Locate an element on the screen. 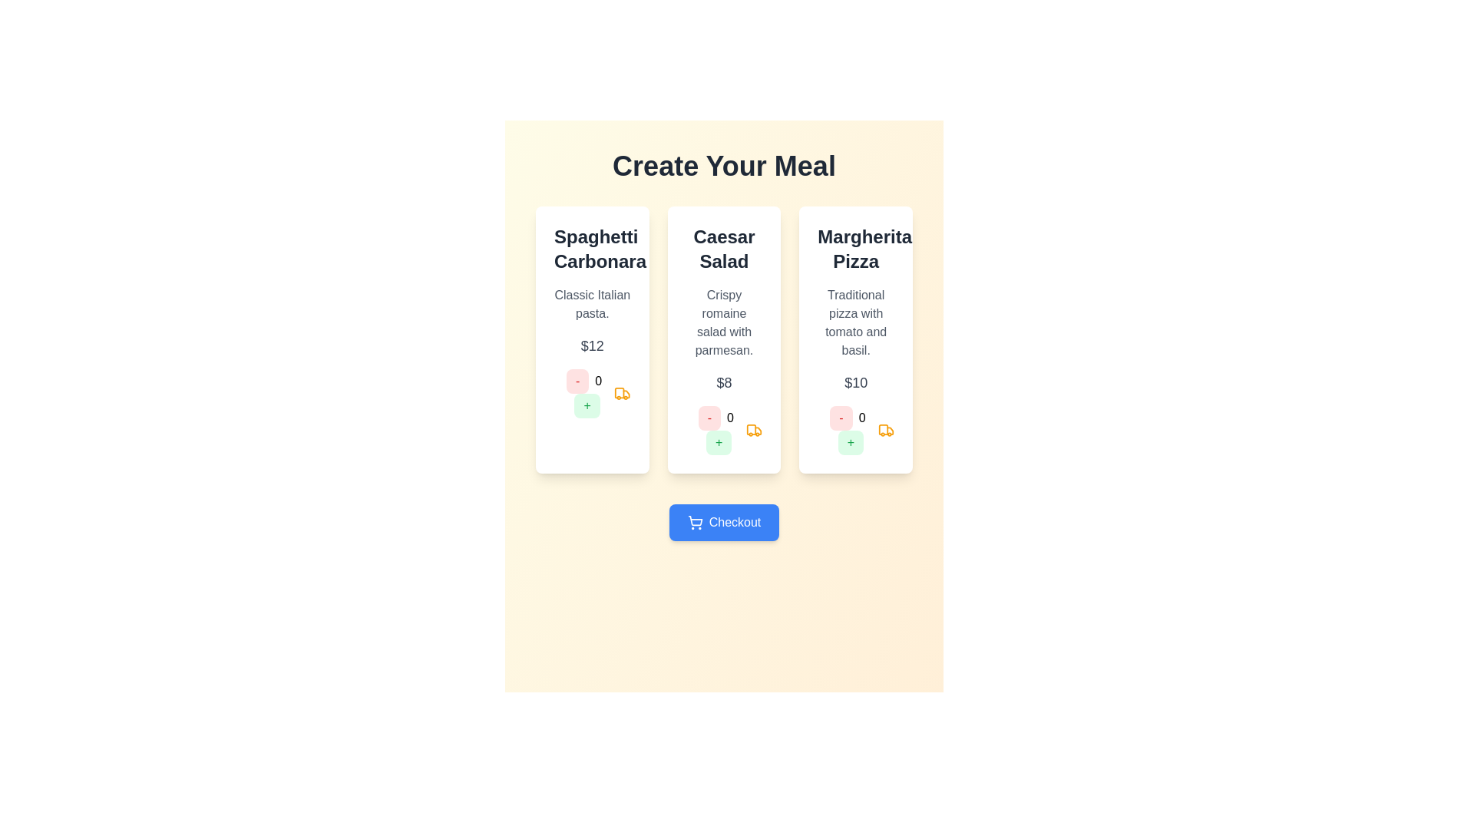 This screenshot has width=1474, height=829. the label displaying the price '$8', which is located beneath the description of the 'Crispy romaine salad with parmesan.' and above the quantity controls in the middle card of the menu items is located at coordinates (723, 381).